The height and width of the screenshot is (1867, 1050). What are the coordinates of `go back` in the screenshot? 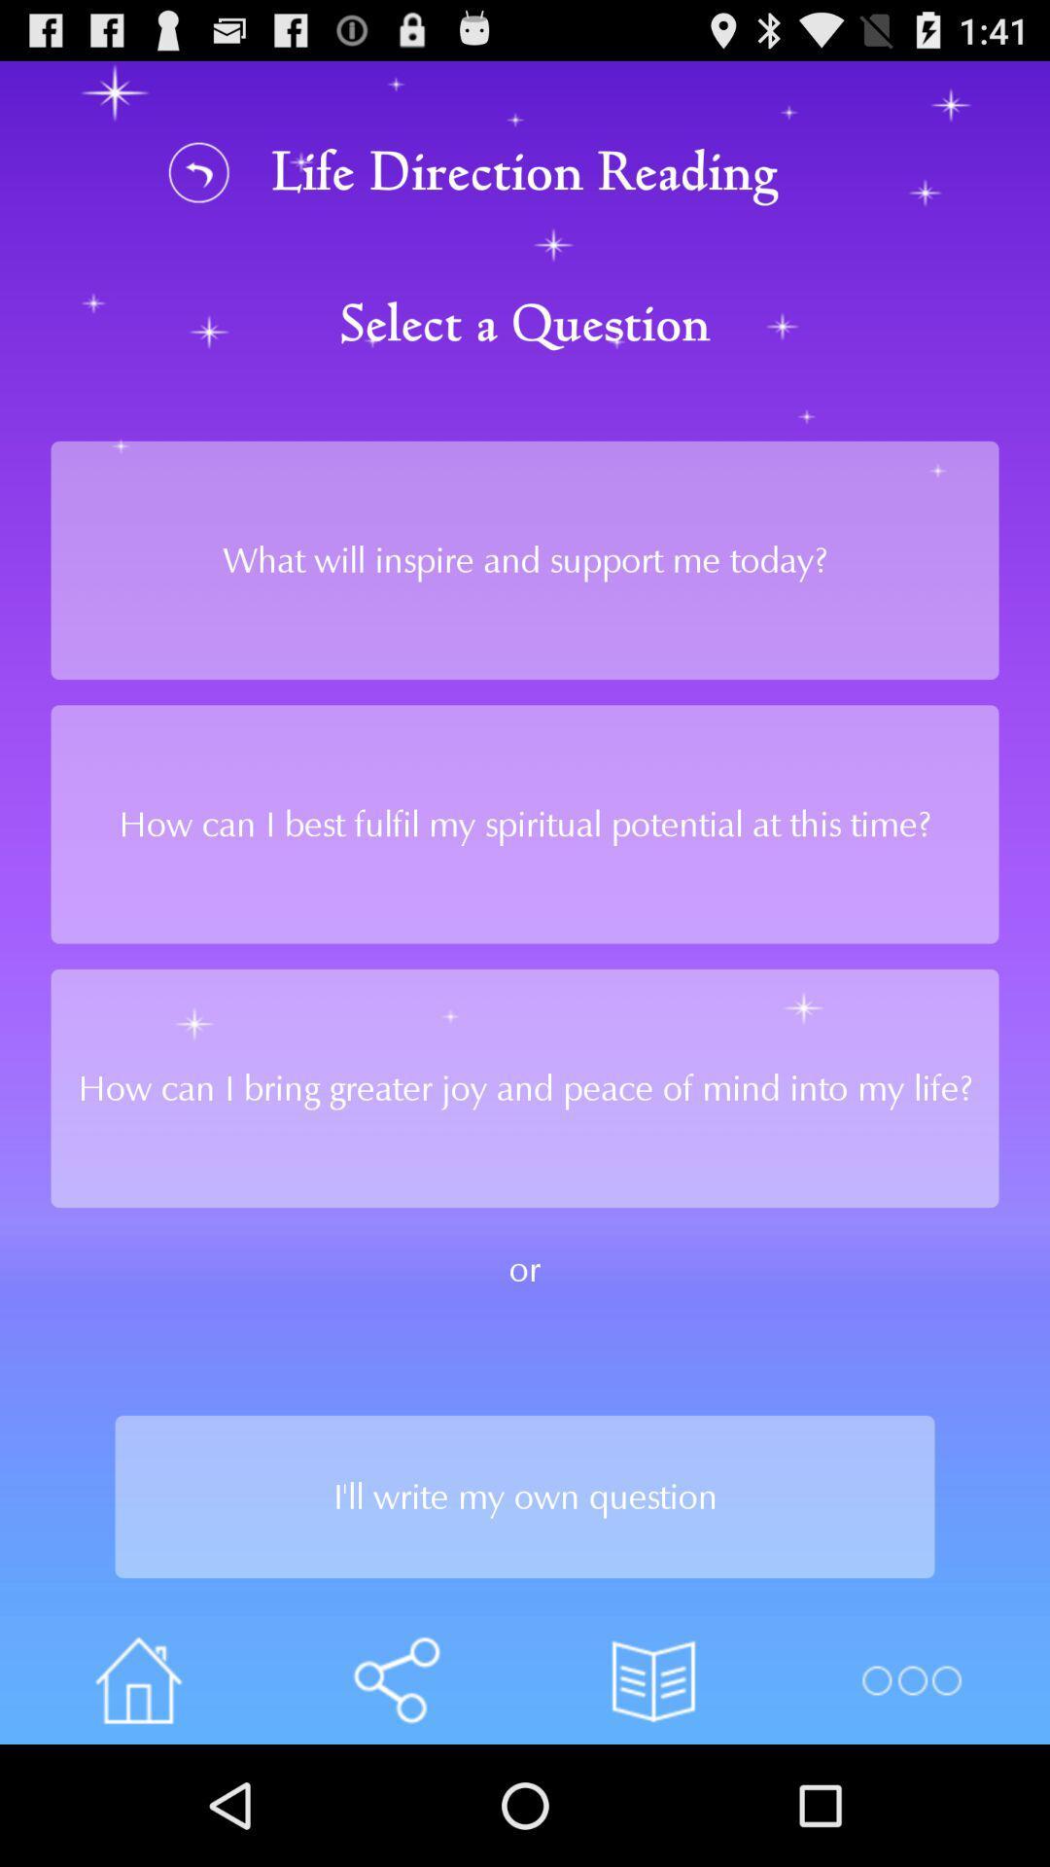 It's located at (199, 172).